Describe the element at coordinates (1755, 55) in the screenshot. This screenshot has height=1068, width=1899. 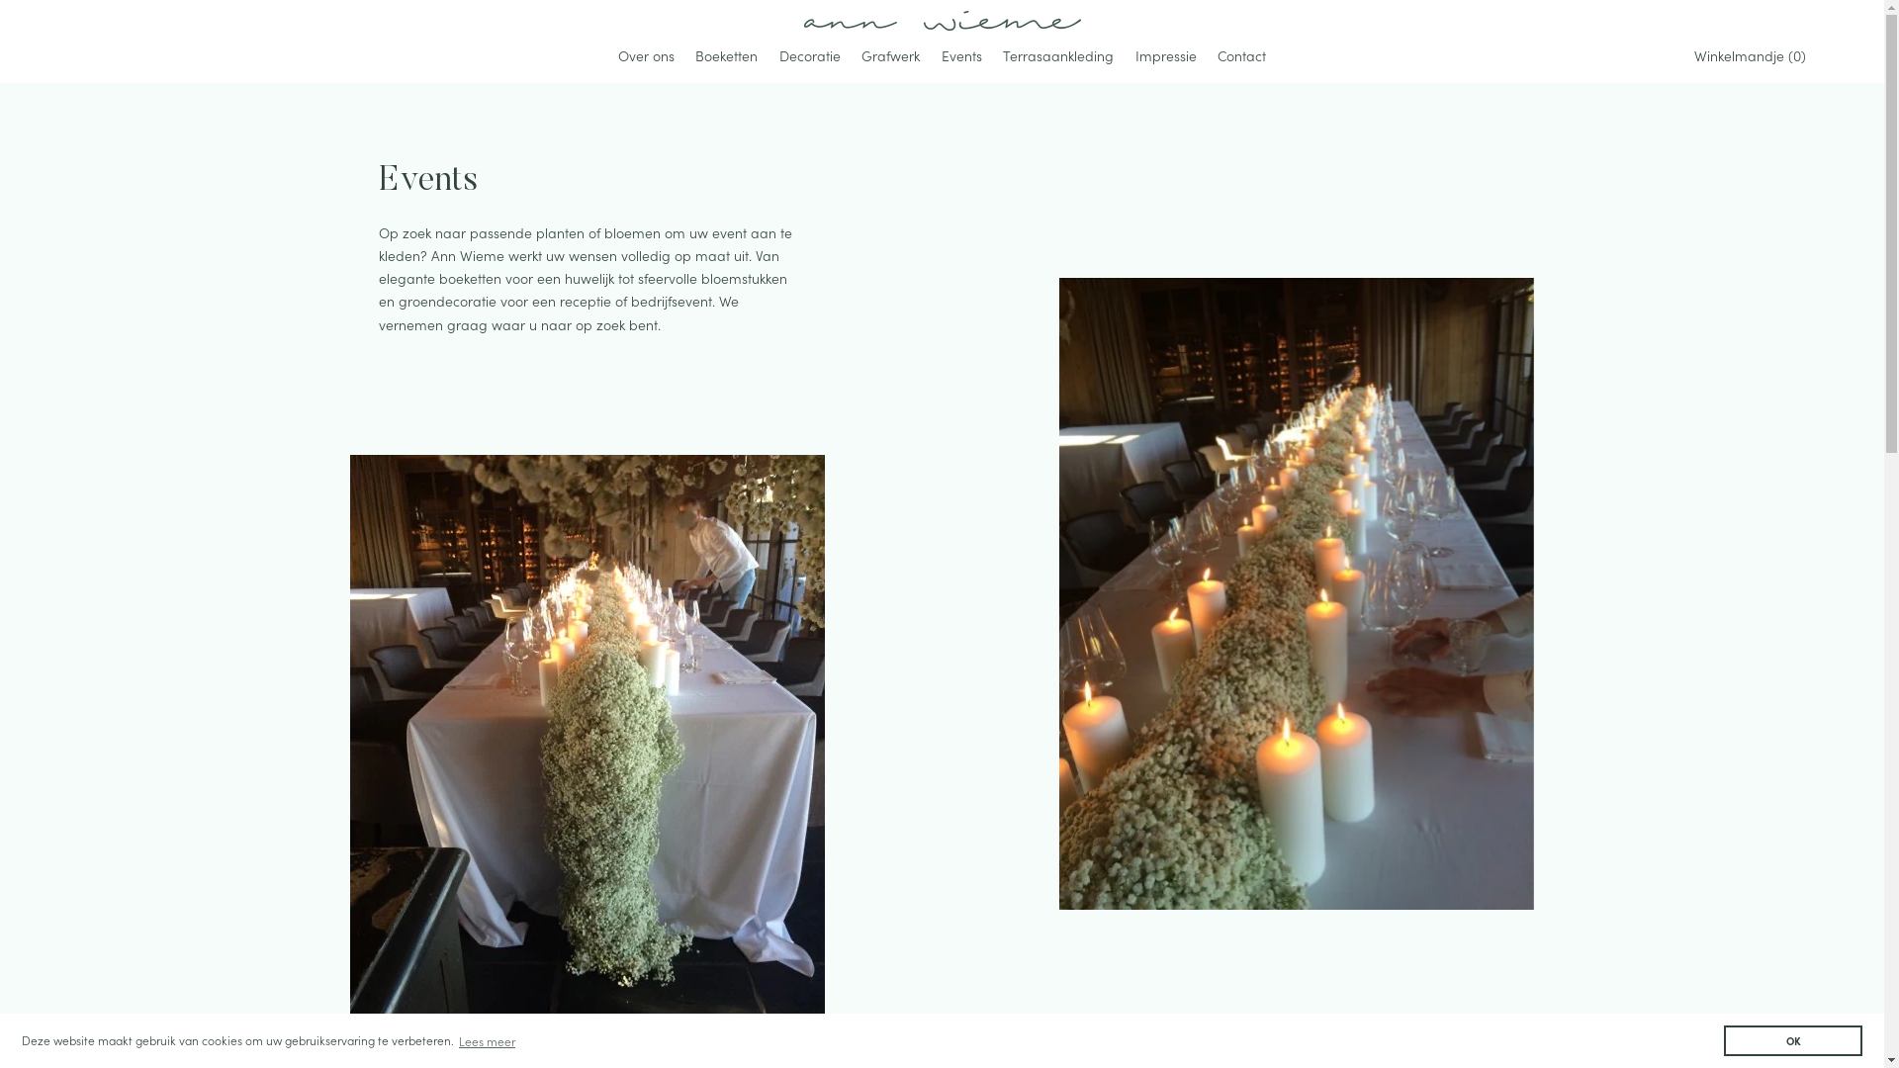
I see `'Winkelmandje (0)'` at that location.